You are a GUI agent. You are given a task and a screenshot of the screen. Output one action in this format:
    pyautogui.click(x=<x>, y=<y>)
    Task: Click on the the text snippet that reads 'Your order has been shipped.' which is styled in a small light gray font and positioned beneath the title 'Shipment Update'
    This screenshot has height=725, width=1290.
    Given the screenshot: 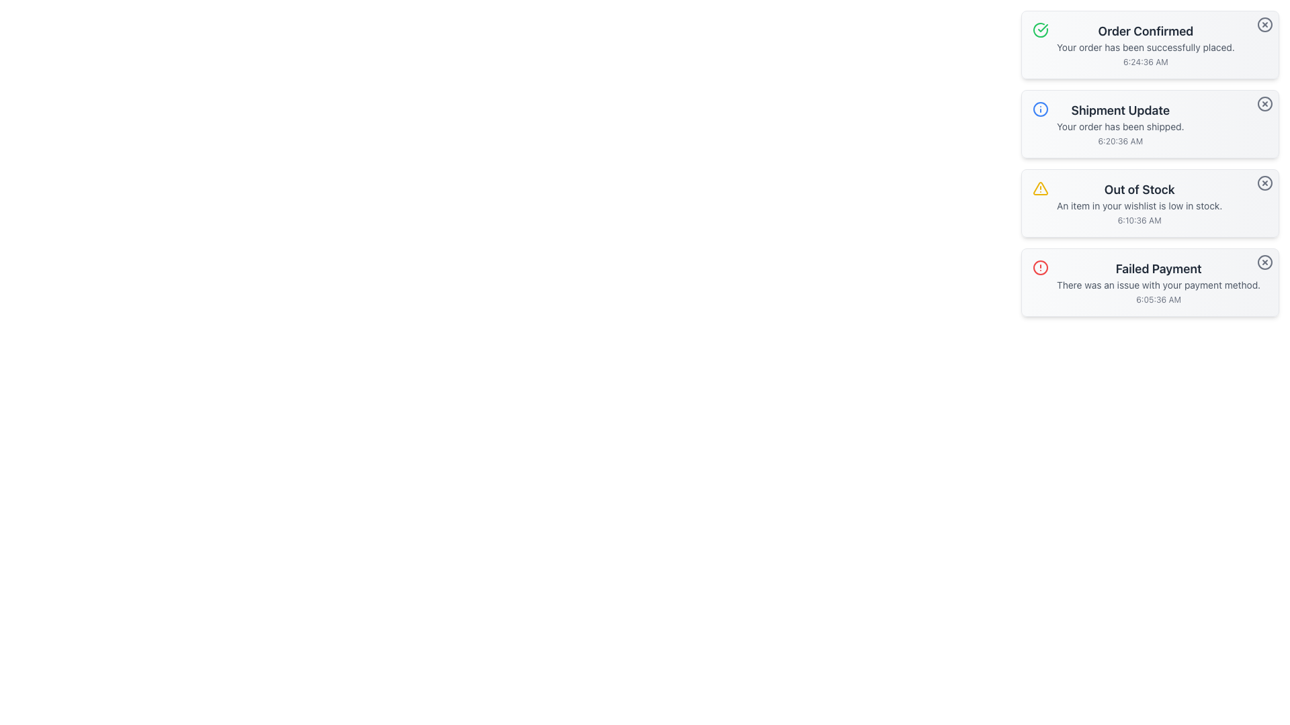 What is the action you would take?
    pyautogui.click(x=1120, y=127)
    